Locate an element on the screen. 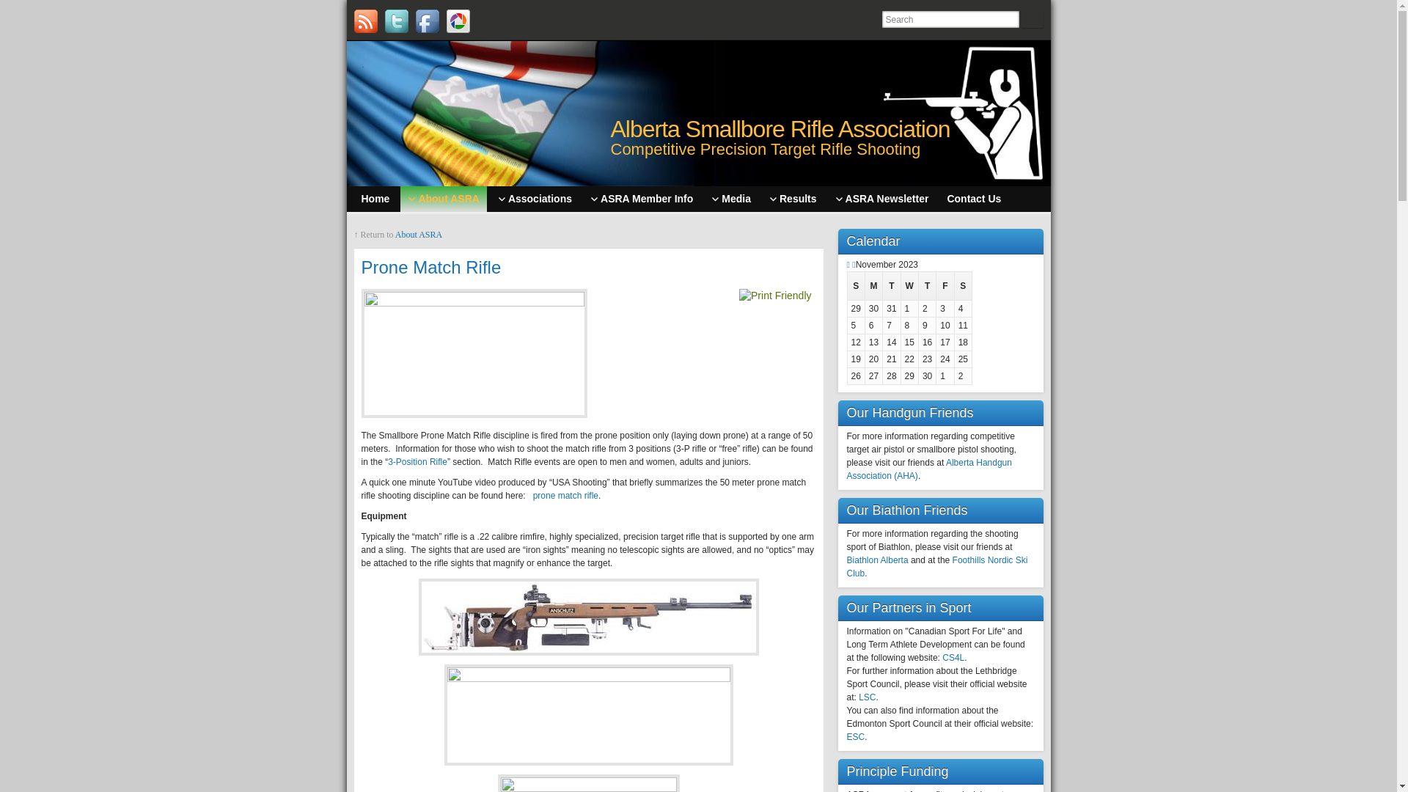 This screenshot has height=792, width=1408. 'ASRA Newsletter' is located at coordinates (827, 199).